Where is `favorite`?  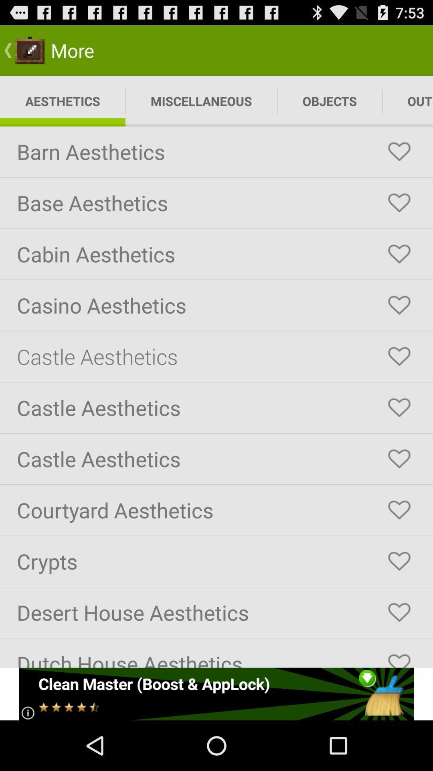
favorite is located at coordinates (399, 612).